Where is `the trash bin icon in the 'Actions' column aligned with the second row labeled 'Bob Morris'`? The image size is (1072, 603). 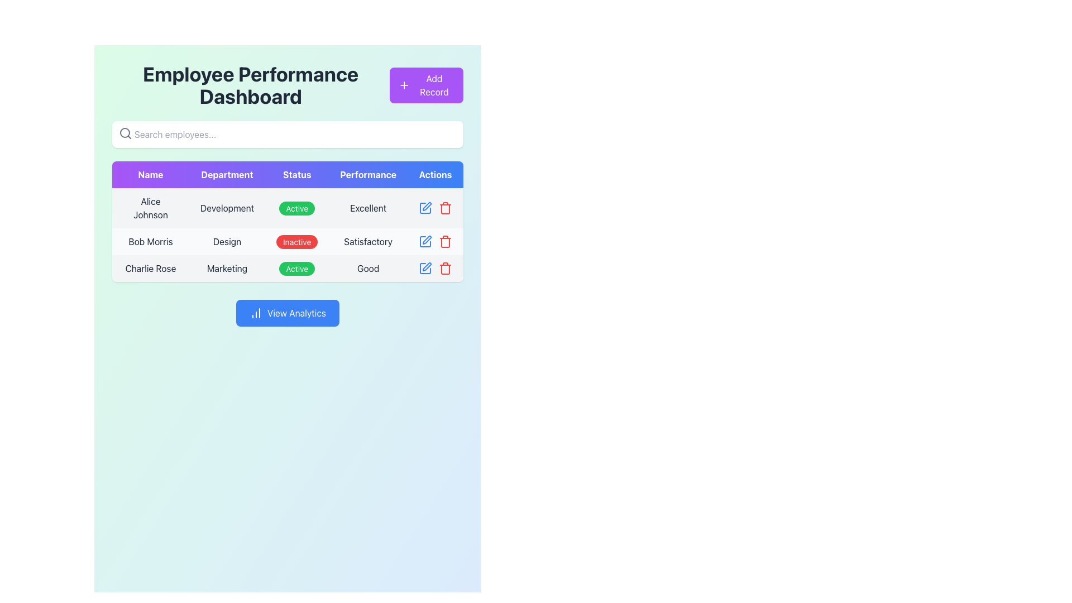
the trash bin icon in the 'Actions' column aligned with the second row labeled 'Bob Morris' is located at coordinates (444, 269).